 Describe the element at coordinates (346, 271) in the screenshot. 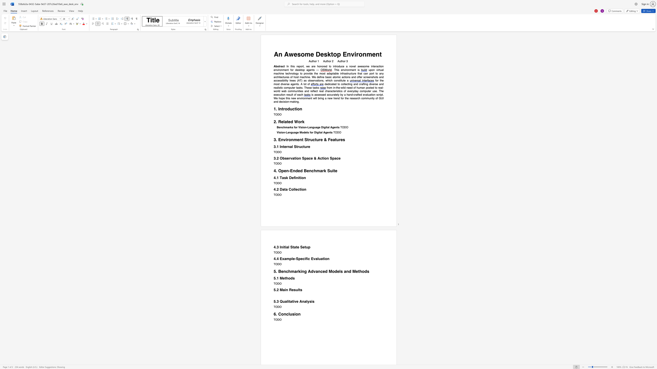

I see `the subset text "nd Me" within the text "5. Benchmarking Advanced Models and Methods"` at that location.